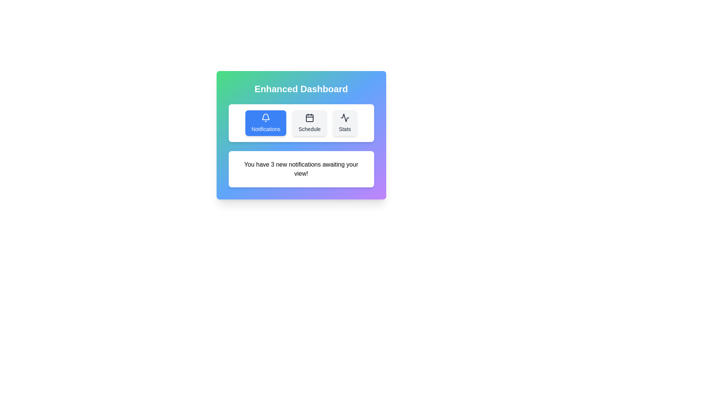 The height and width of the screenshot is (408, 727). What do you see at coordinates (266, 123) in the screenshot?
I see `the blue 'Notifications' button with a bell icon` at bounding box center [266, 123].